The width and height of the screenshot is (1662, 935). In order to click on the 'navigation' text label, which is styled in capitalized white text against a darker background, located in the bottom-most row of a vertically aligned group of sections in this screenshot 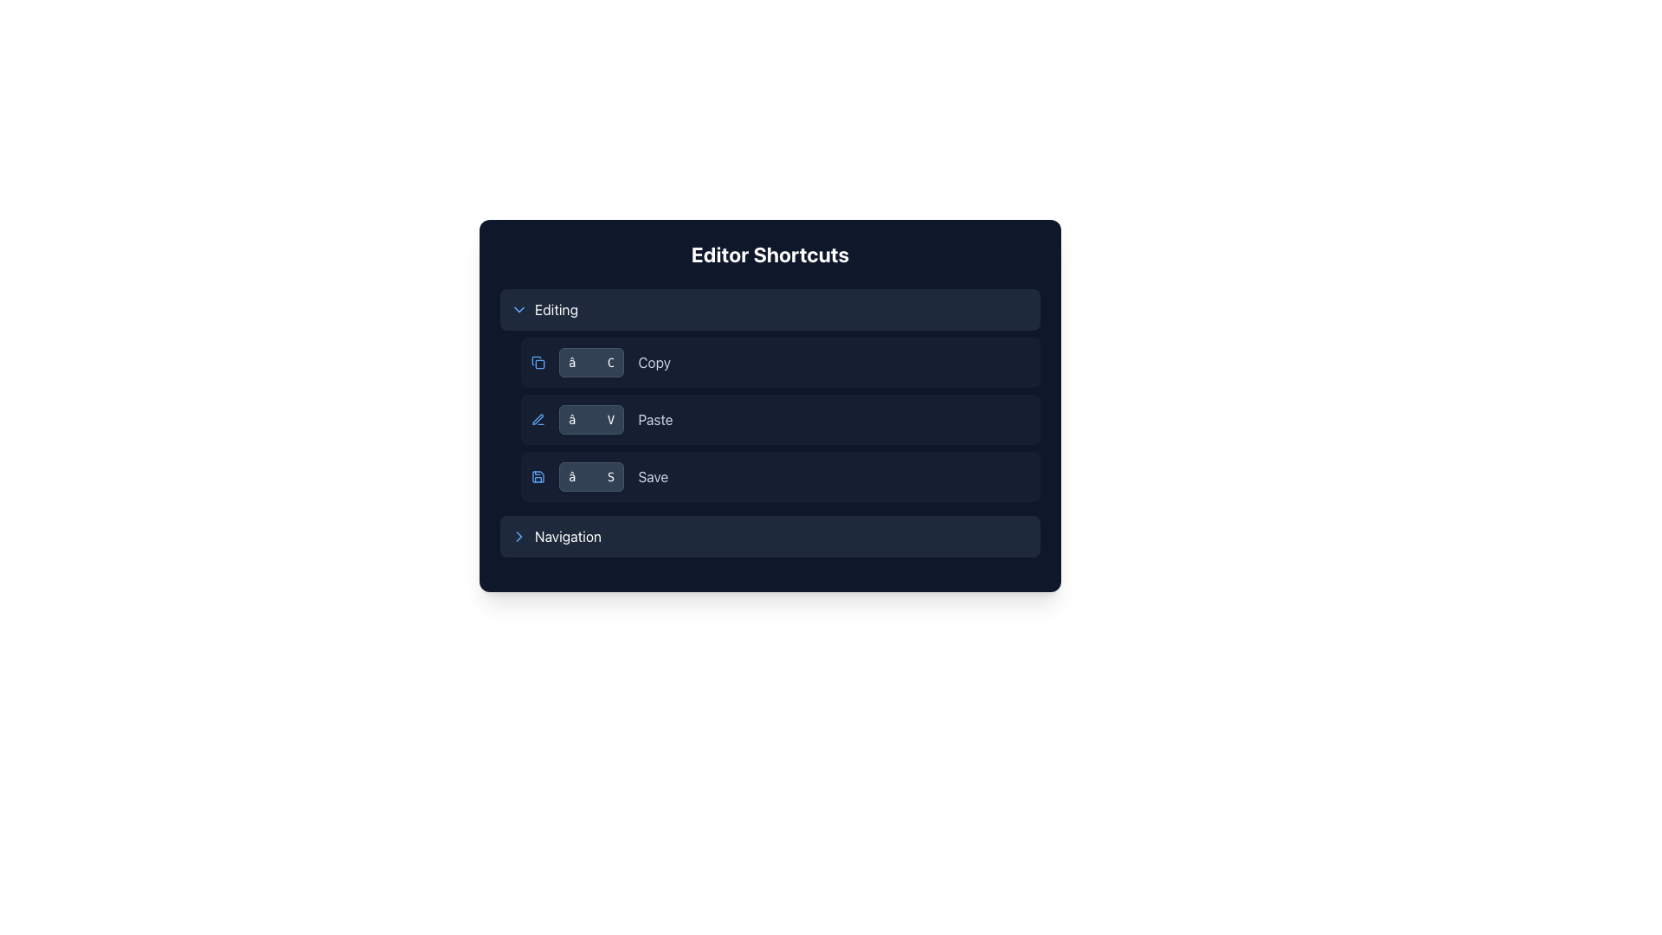, I will do `click(568, 536)`.